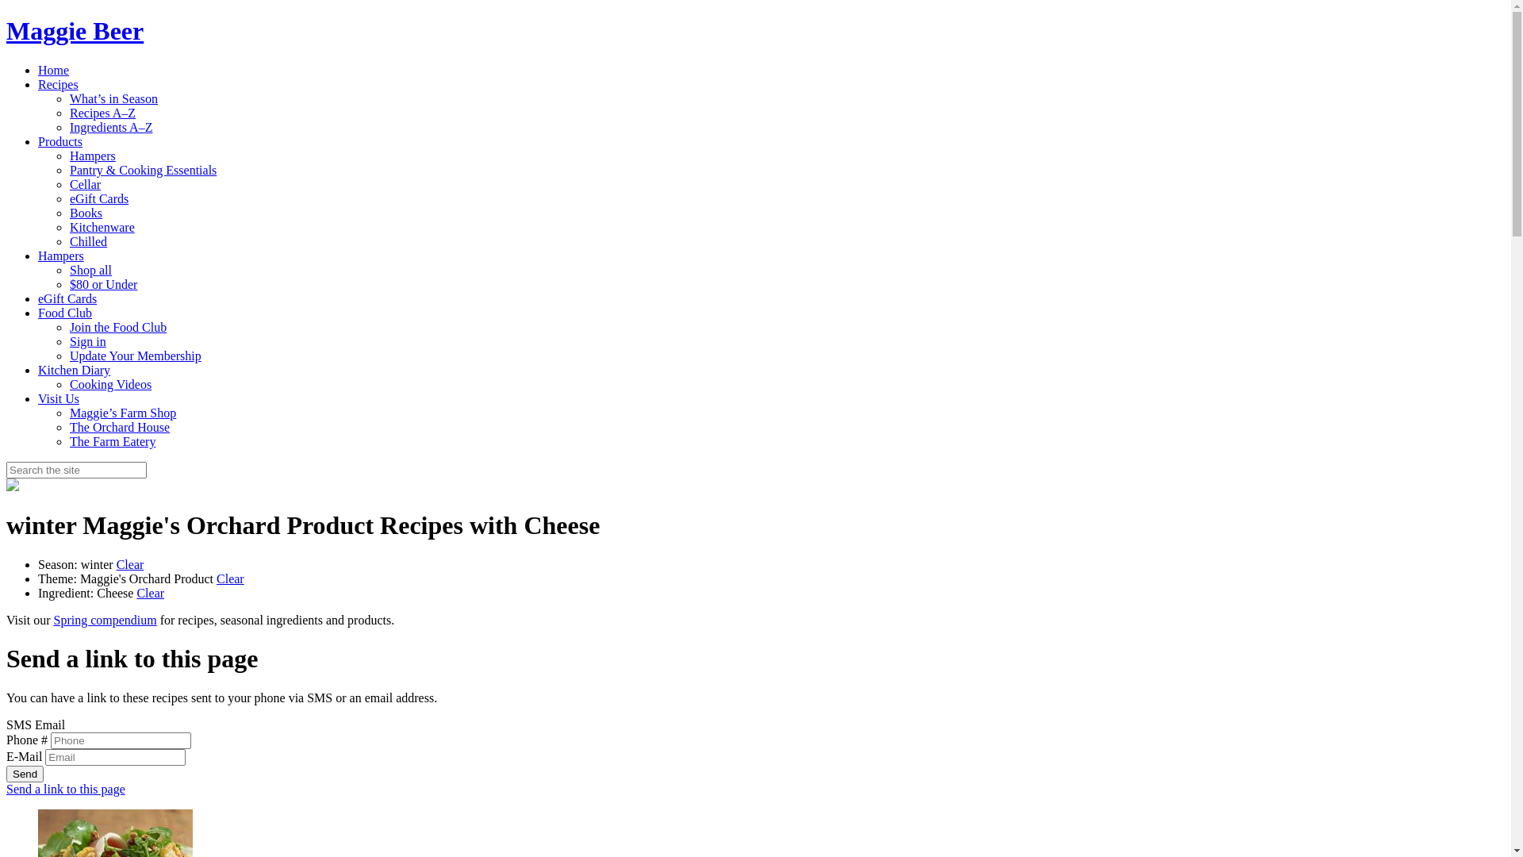 The image size is (1523, 857). Describe the element at coordinates (143, 170) in the screenshot. I see `'Pantry & Cooking Essentials'` at that location.